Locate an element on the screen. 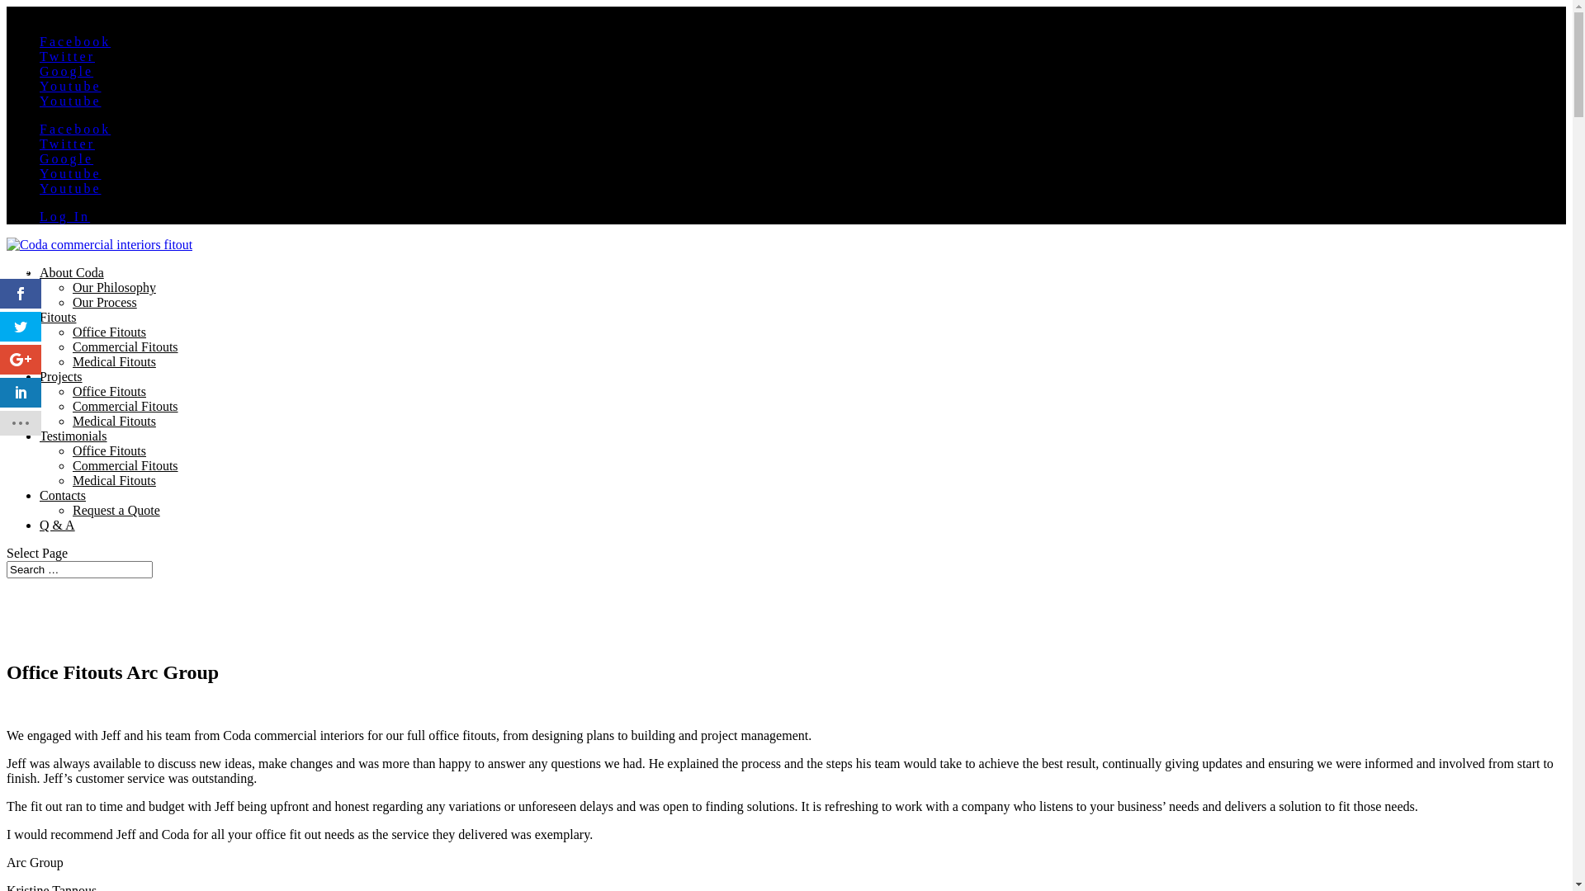 This screenshot has width=1585, height=891. 'Youtube' is located at coordinates (69, 187).